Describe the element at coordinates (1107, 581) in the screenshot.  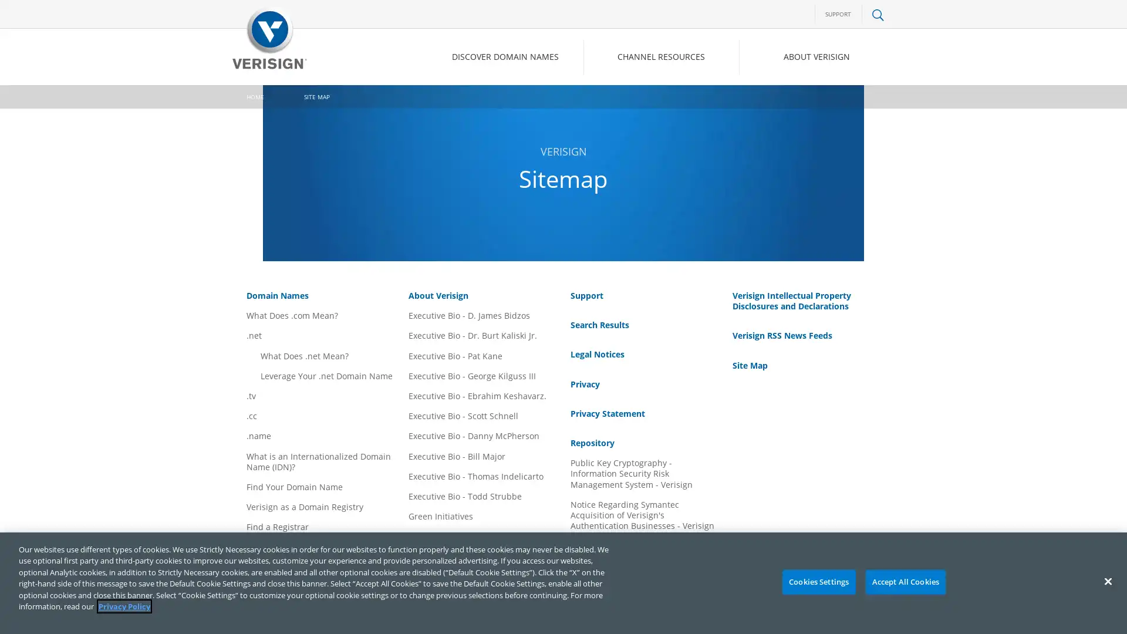
I see `Close` at that location.